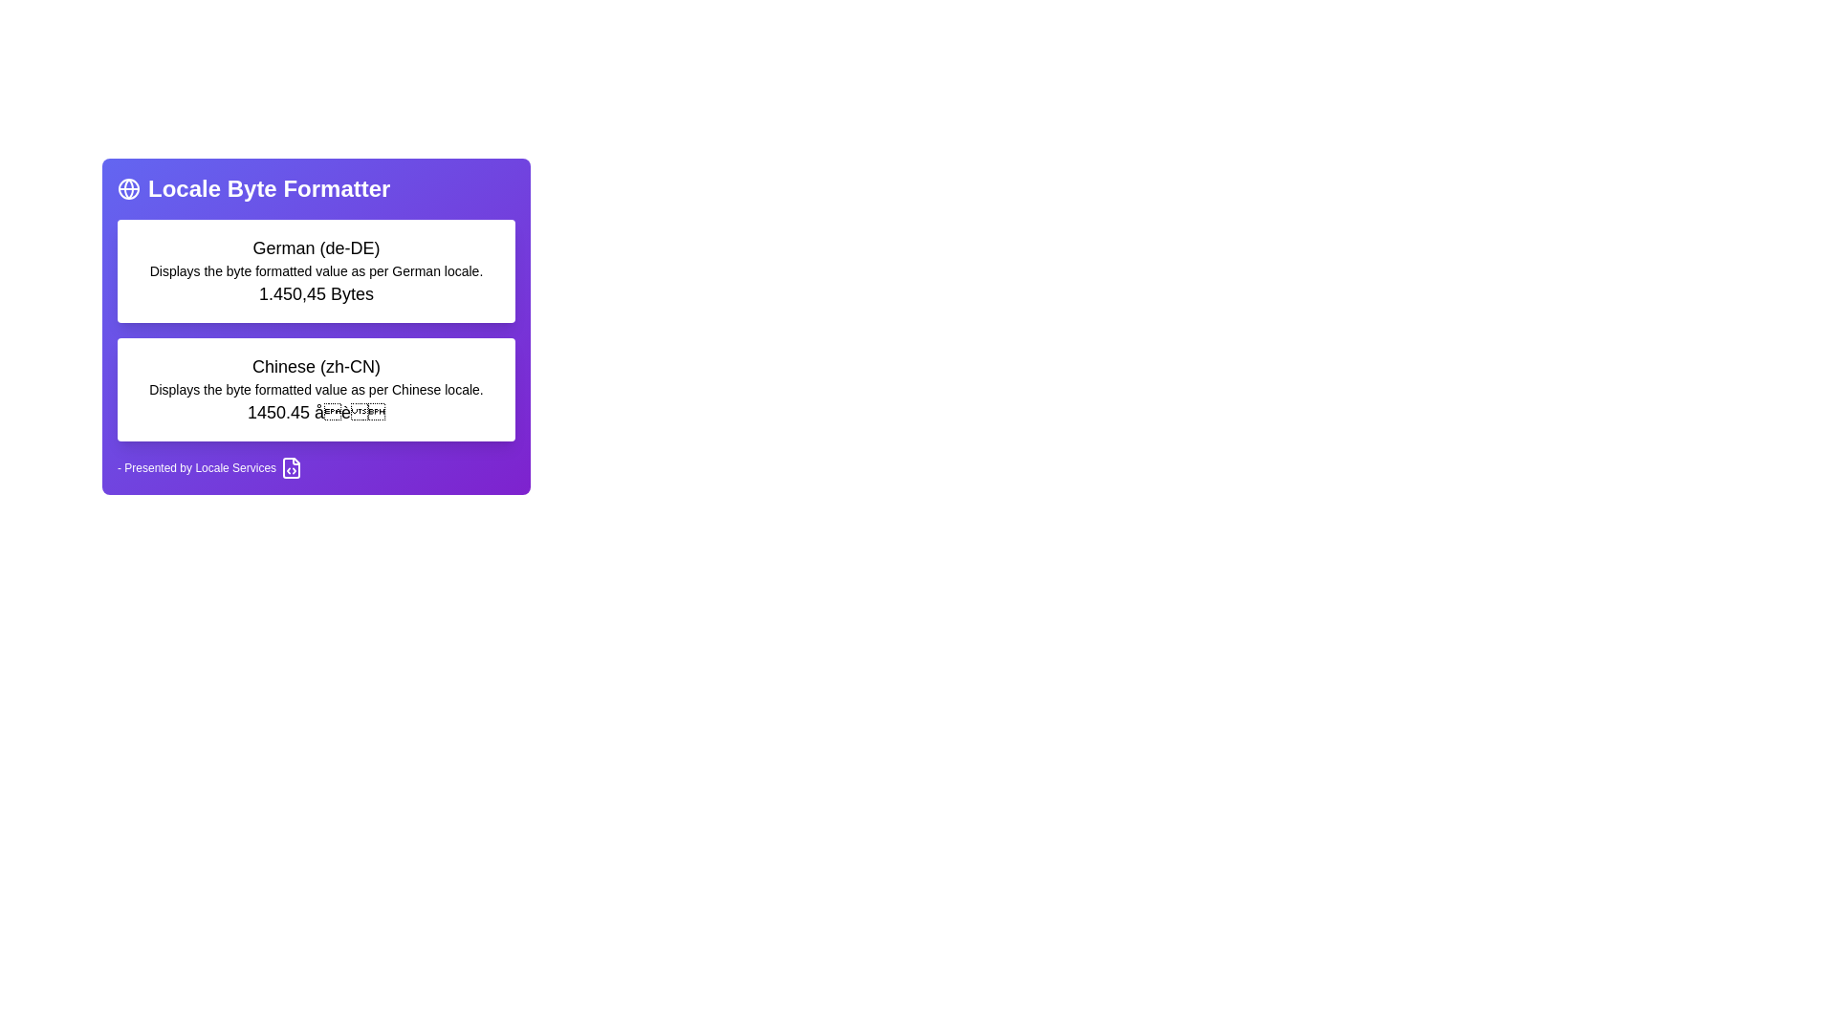  I want to click on the circular SVG graphic element with a thin border, located in the top-left corner above the title text 'Locale Byte Formatter', so click(127, 188).